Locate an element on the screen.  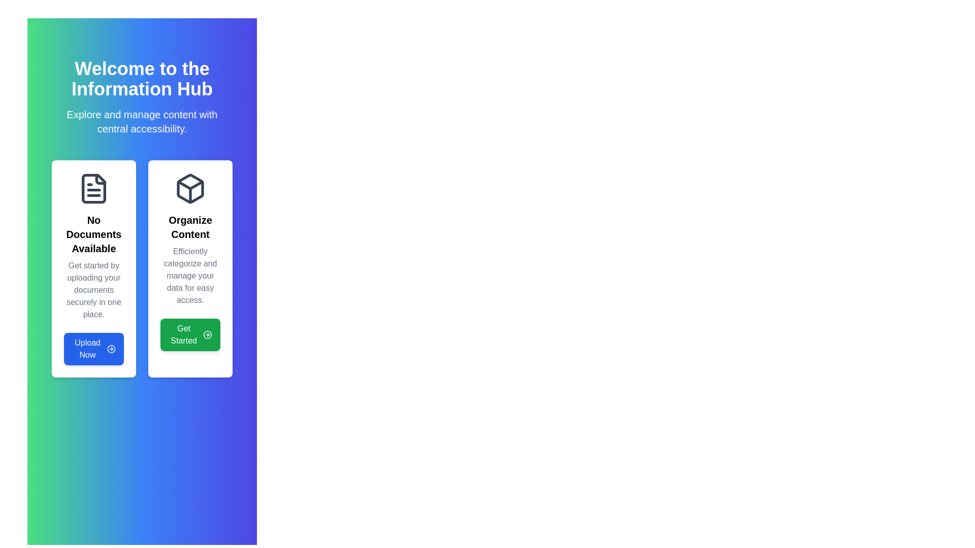
the headline text that greets users and introduces the application's purpose is located at coordinates (141, 78).